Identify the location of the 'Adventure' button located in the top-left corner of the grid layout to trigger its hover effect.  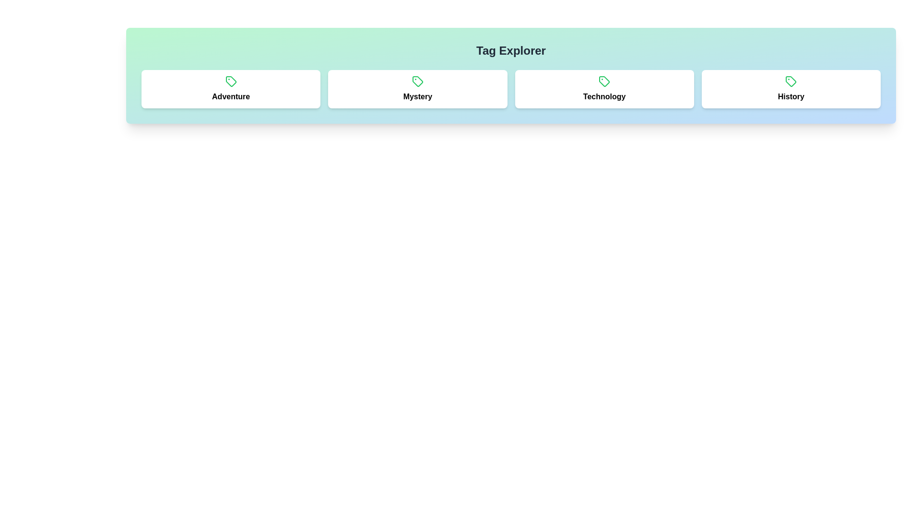
(231, 89).